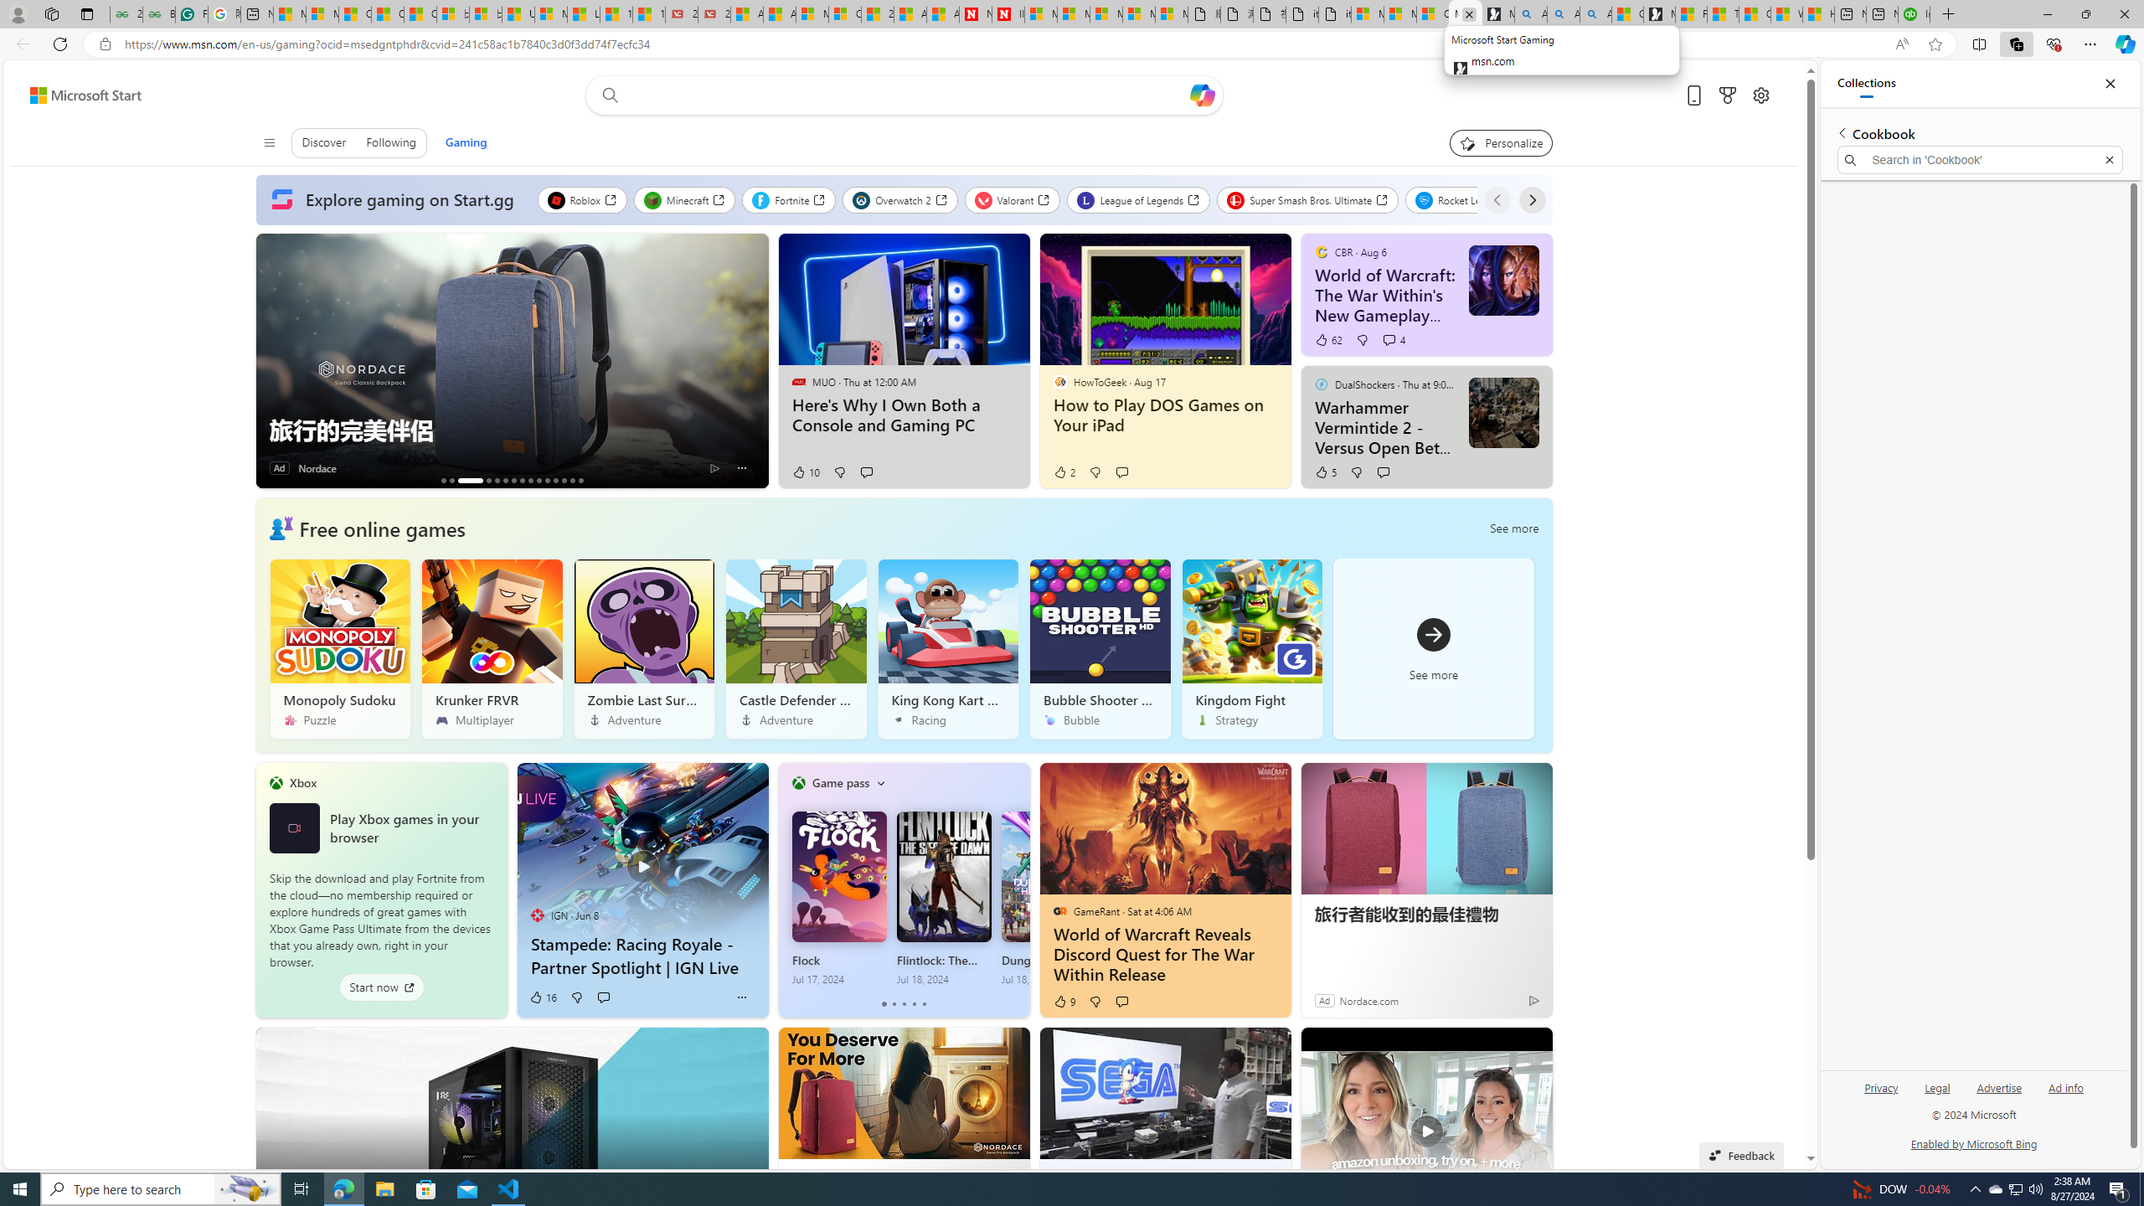 This screenshot has height=1206, width=2144. What do you see at coordinates (1321, 383) in the screenshot?
I see `'DualShockers'` at bounding box center [1321, 383].